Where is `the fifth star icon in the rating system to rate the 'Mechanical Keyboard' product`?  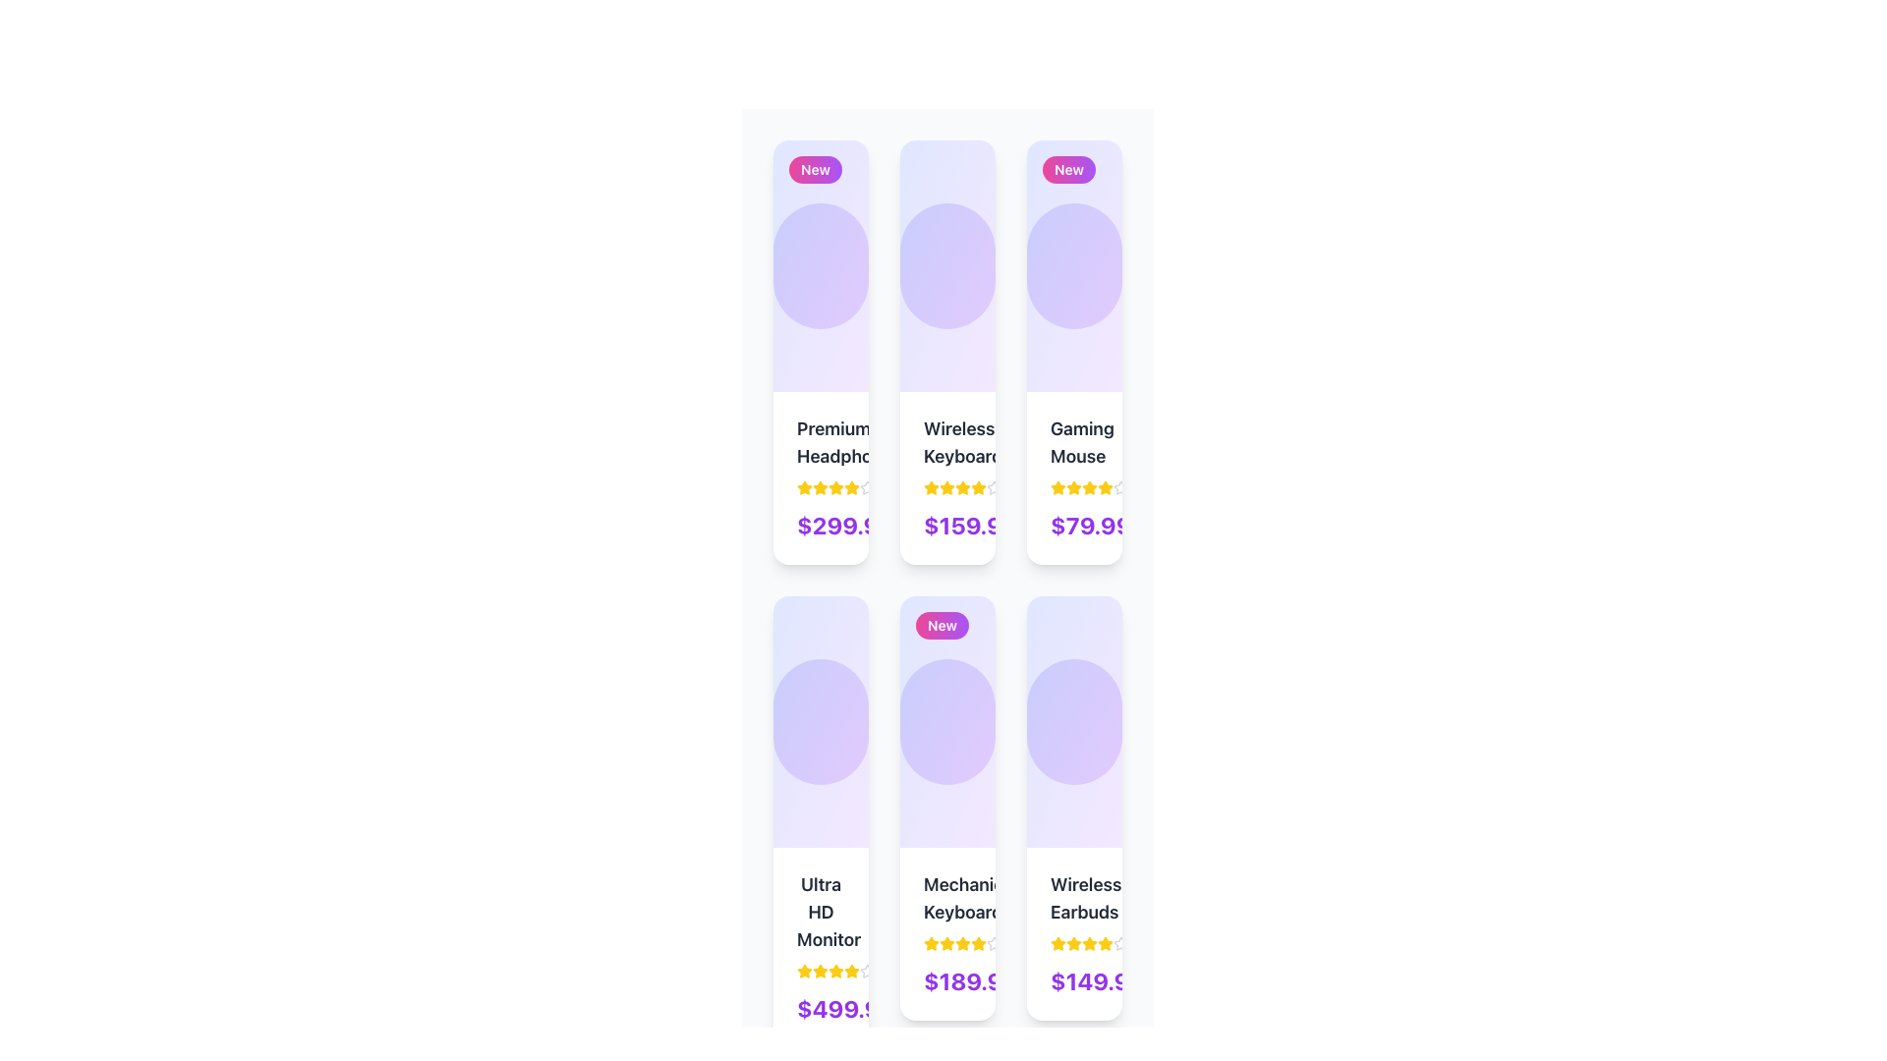 the fifth star icon in the rating system to rate the 'Mechanical Keyboard' product is located at coordinates (979, 942).